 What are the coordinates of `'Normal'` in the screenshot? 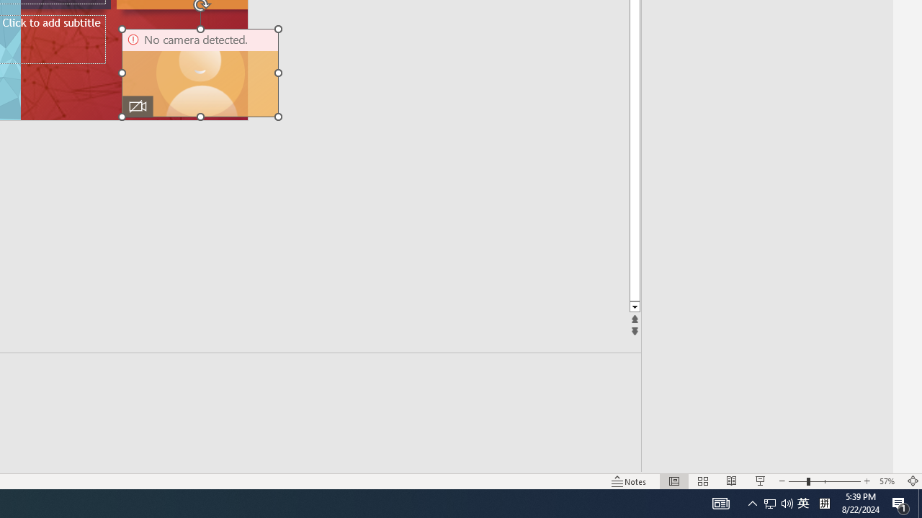 It's located at (673, 481).